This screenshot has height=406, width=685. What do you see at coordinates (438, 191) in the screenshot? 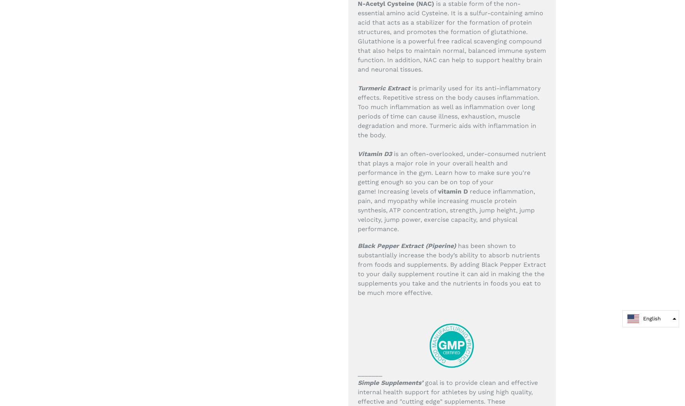
I see `'vitamin D'` at bounding box center [438, 191].